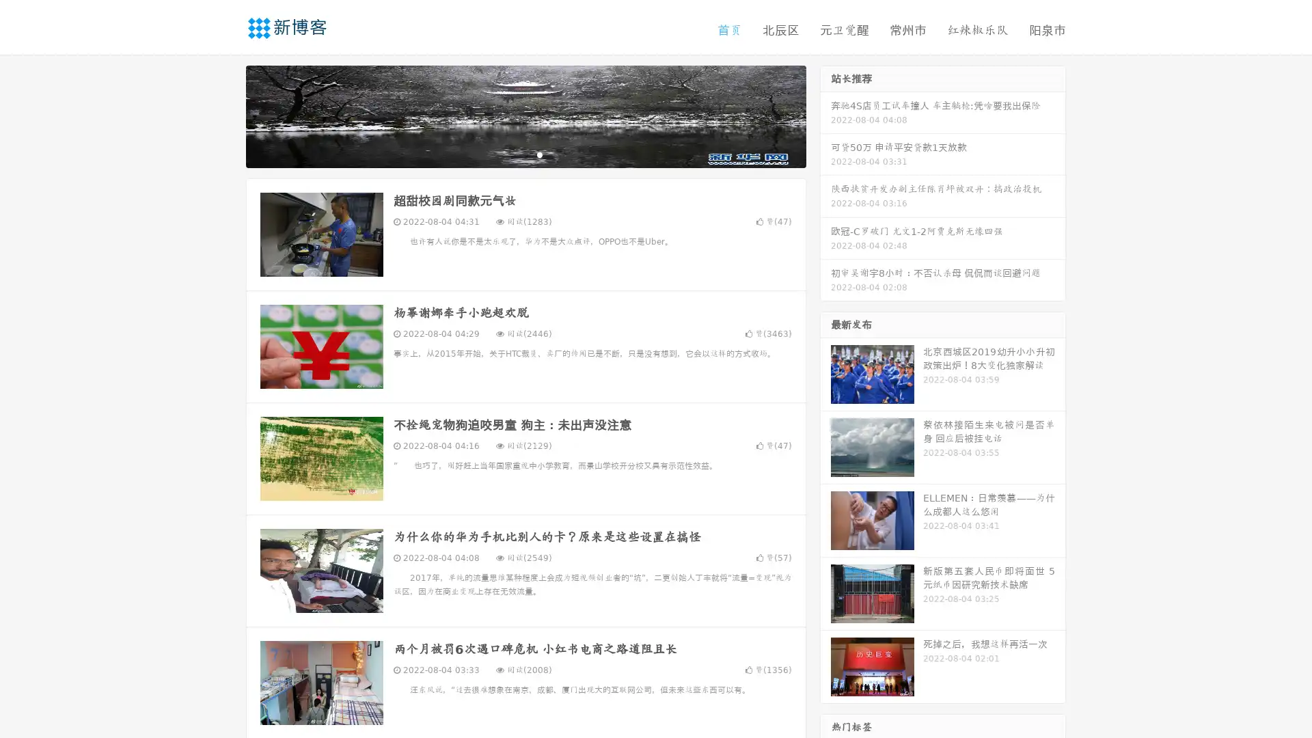 The width and height of the screenshot is (1312, 738). What do you see at coordinates (825, 115) in the screenshot?
I see `Next slide` at bounding box center [825, 115].